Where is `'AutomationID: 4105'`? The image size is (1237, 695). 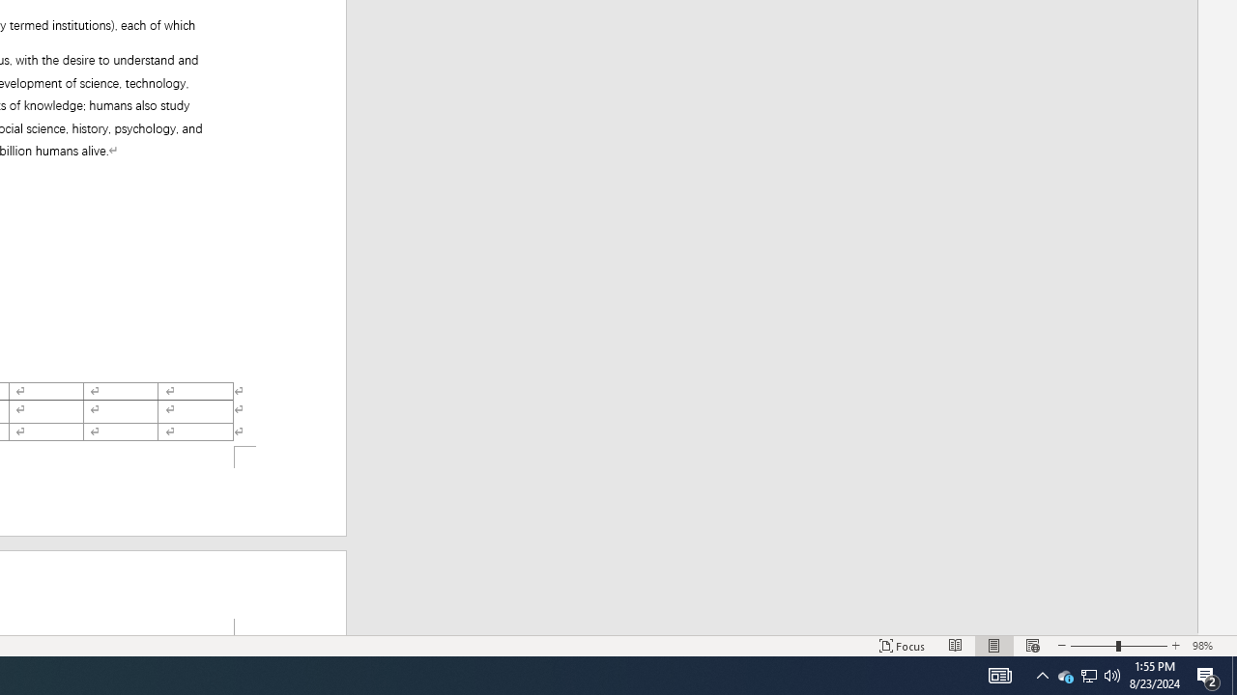 'AutomationID: 4105' is located at coordinates (999, 674).